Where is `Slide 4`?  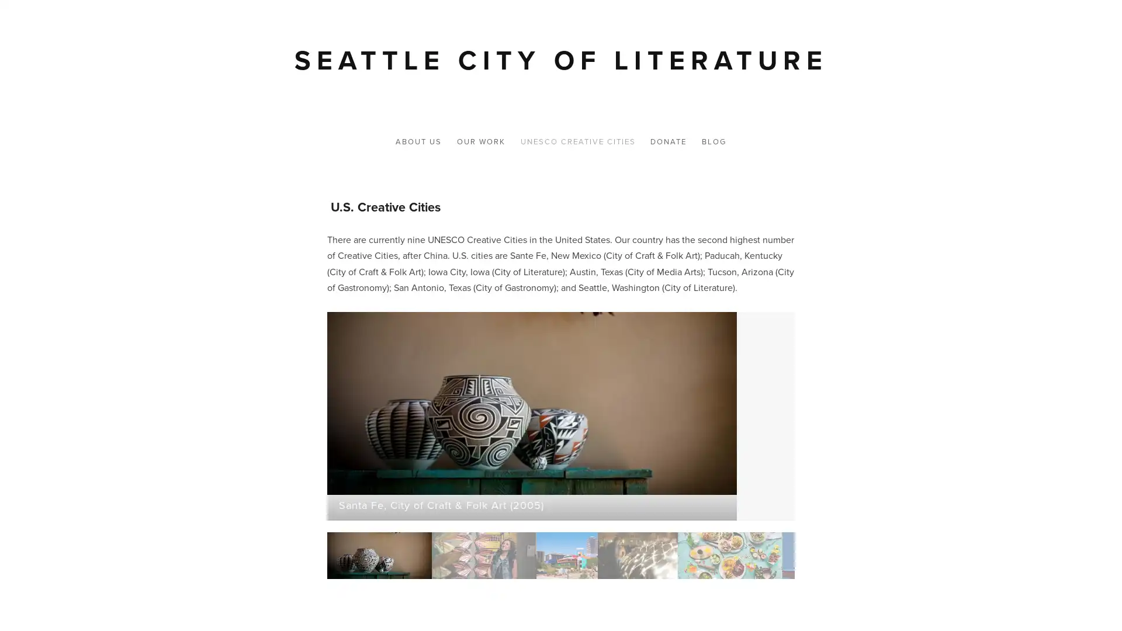 Slide 4 is located at coordinates (560, 555).